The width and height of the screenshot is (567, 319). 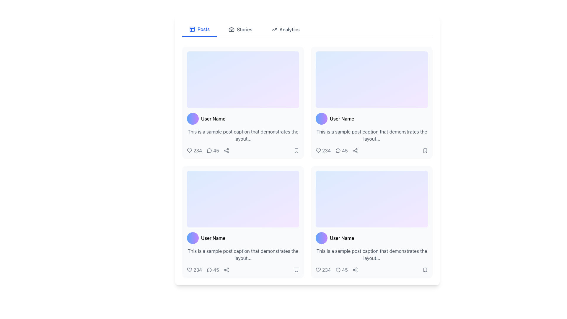 I want to click on the numerical label '45' next to the speech bubble icon, so click(x=341, y=270).